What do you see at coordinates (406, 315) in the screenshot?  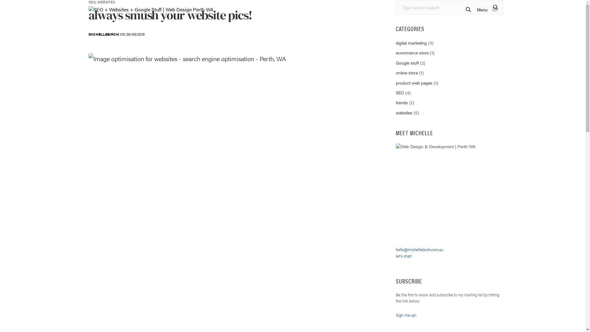 I see `'Sign me up!'` at bounding box center [406, 315].